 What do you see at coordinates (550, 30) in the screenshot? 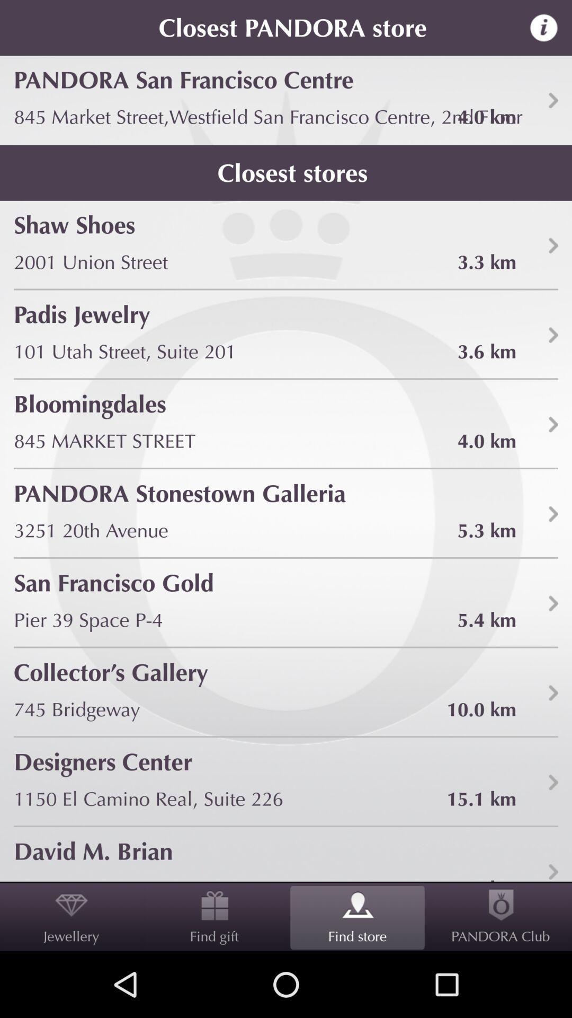
I see `the info icon` at bounding box center [550, 30].